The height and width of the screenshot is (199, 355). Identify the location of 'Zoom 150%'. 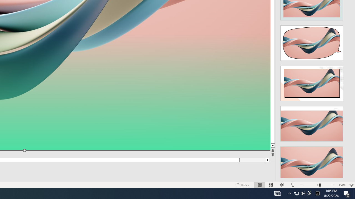
(342, 185).